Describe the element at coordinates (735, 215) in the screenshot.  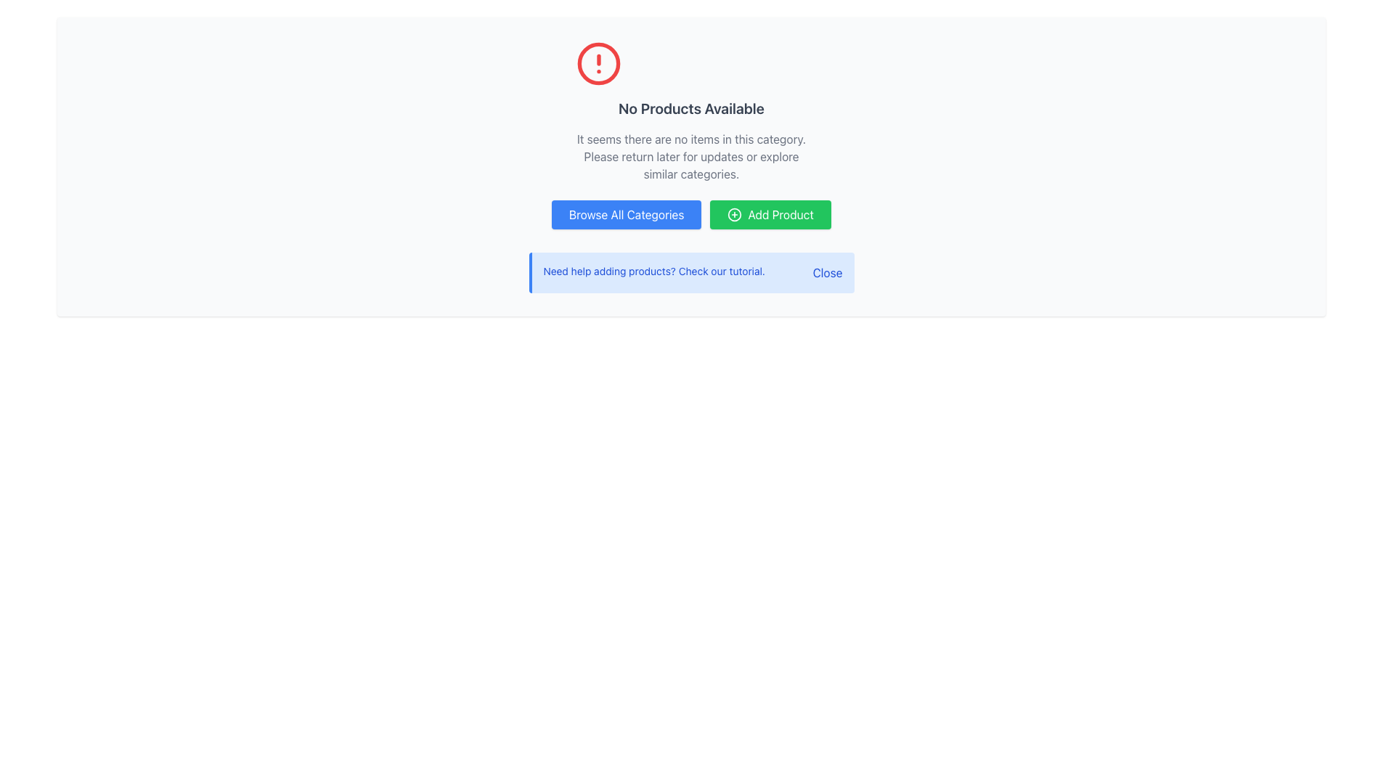
I see `the 'Add Product' icon located to the right of the 'Browse All Categories' blue button, beneath the 'No Products Available' text` at that location.